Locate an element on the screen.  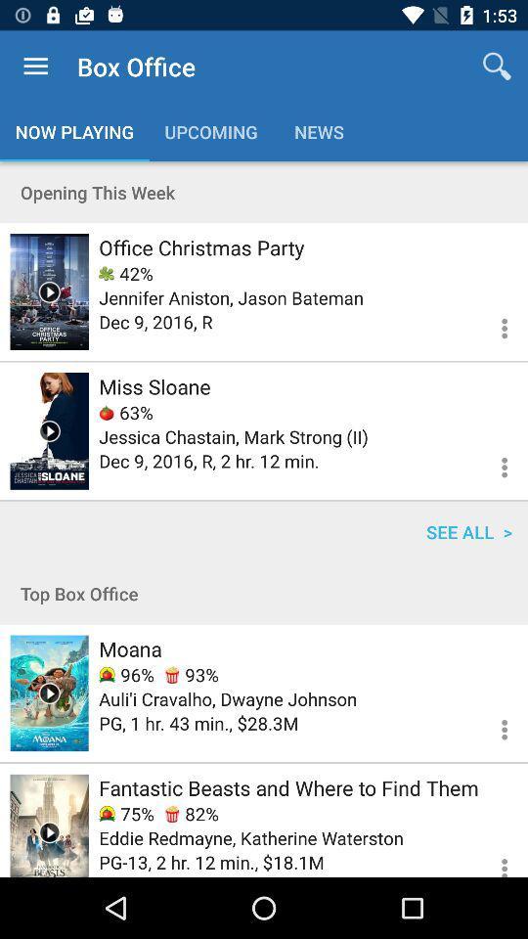
app next to the box office item is located at coordinates (35, 67).